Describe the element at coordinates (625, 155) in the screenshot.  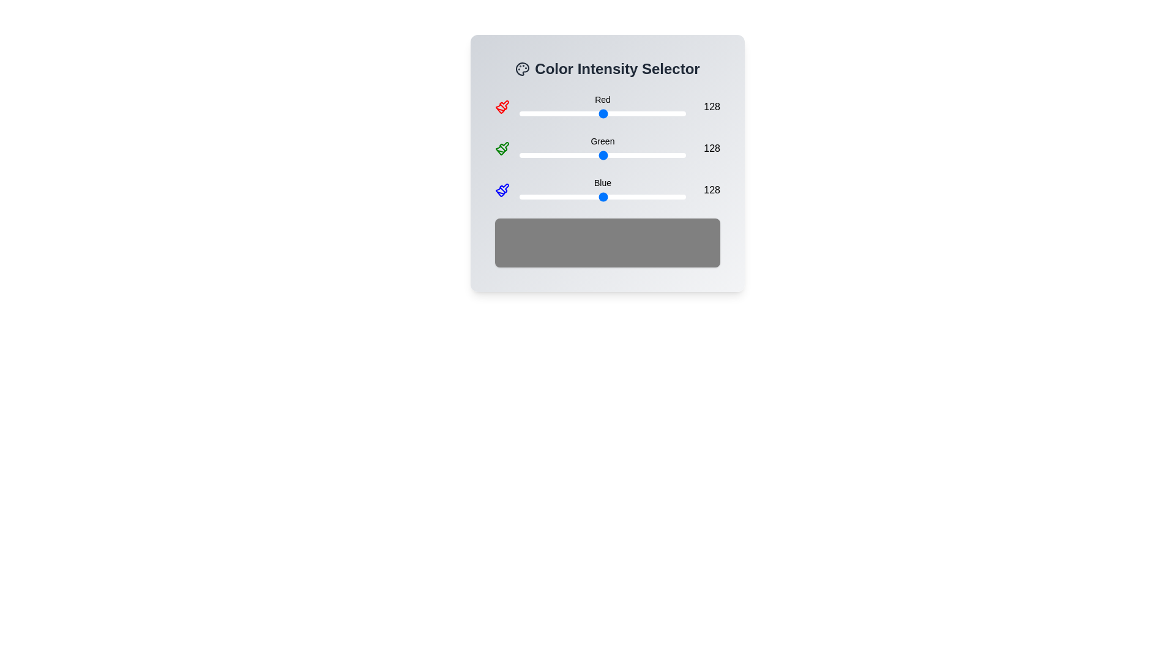
I see `the green color intensity` at that location.